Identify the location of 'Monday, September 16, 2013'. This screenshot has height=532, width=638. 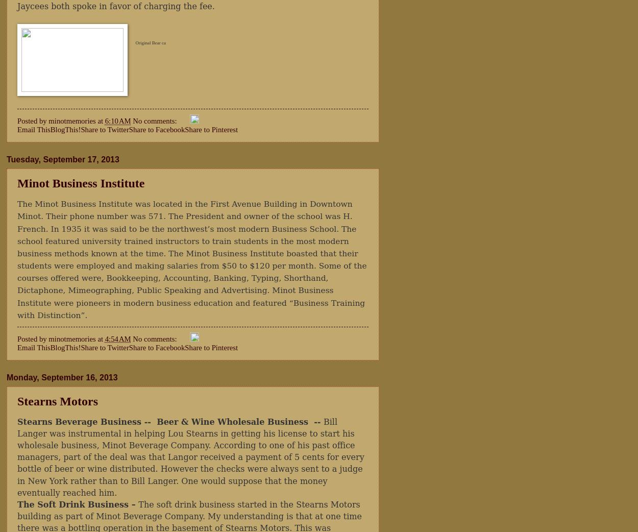
(61, 376).